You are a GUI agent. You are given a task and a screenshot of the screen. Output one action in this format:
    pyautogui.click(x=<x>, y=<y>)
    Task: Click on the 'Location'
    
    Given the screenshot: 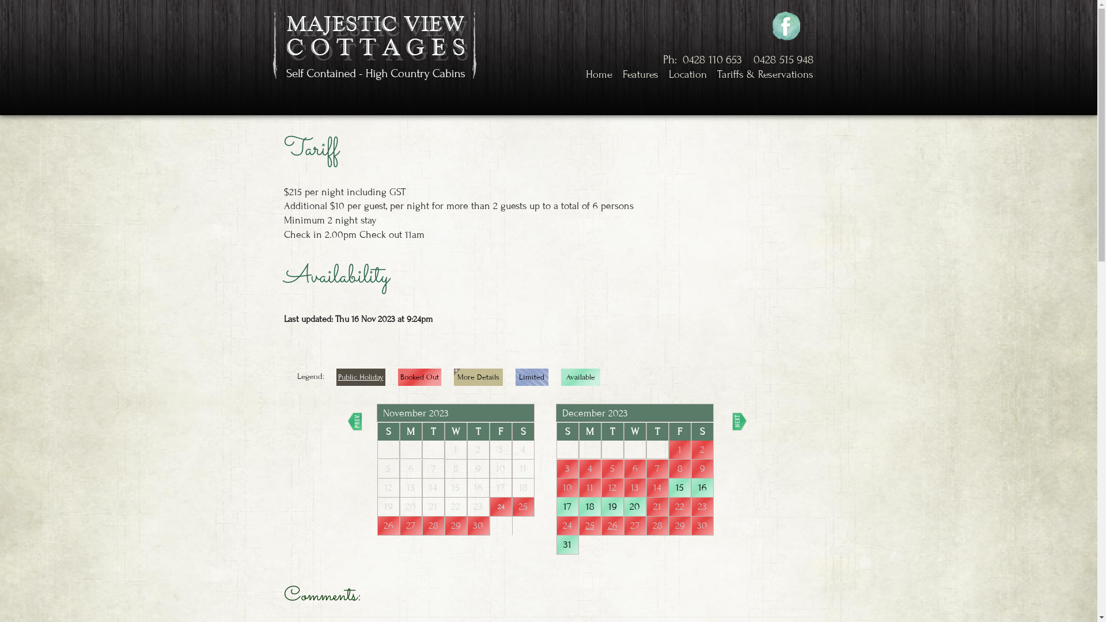 What is the action you would take?
    pyautogui.click(x=688, y=74)
    